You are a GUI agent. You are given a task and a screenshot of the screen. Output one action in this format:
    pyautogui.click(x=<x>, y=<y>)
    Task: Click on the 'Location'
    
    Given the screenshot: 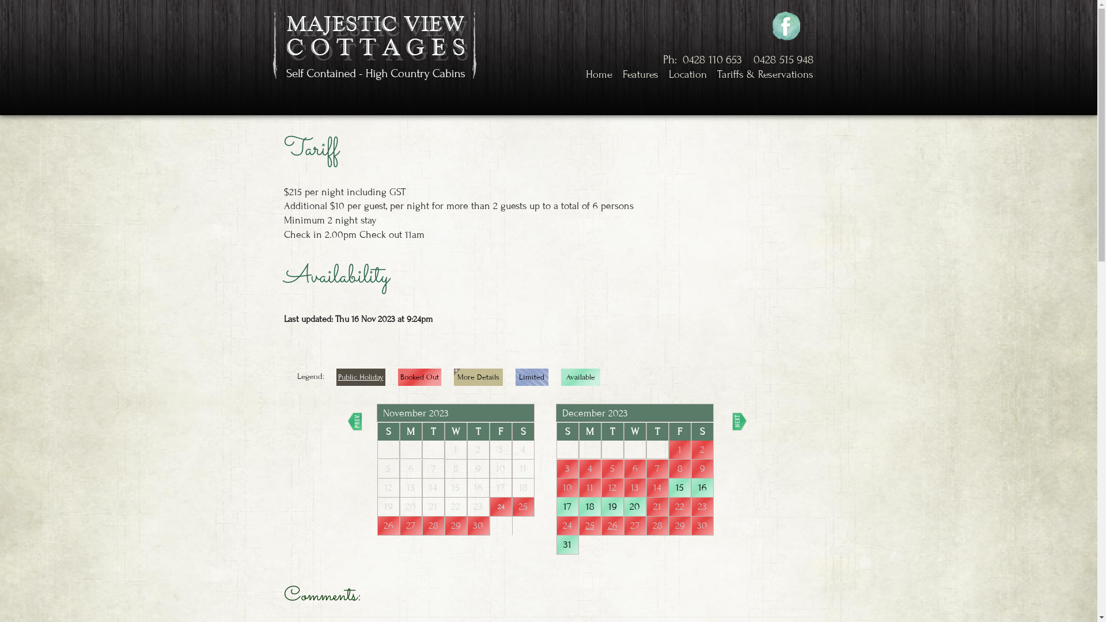 What is the action you would take?
    pyautogui.click(x=688, y=74)
    